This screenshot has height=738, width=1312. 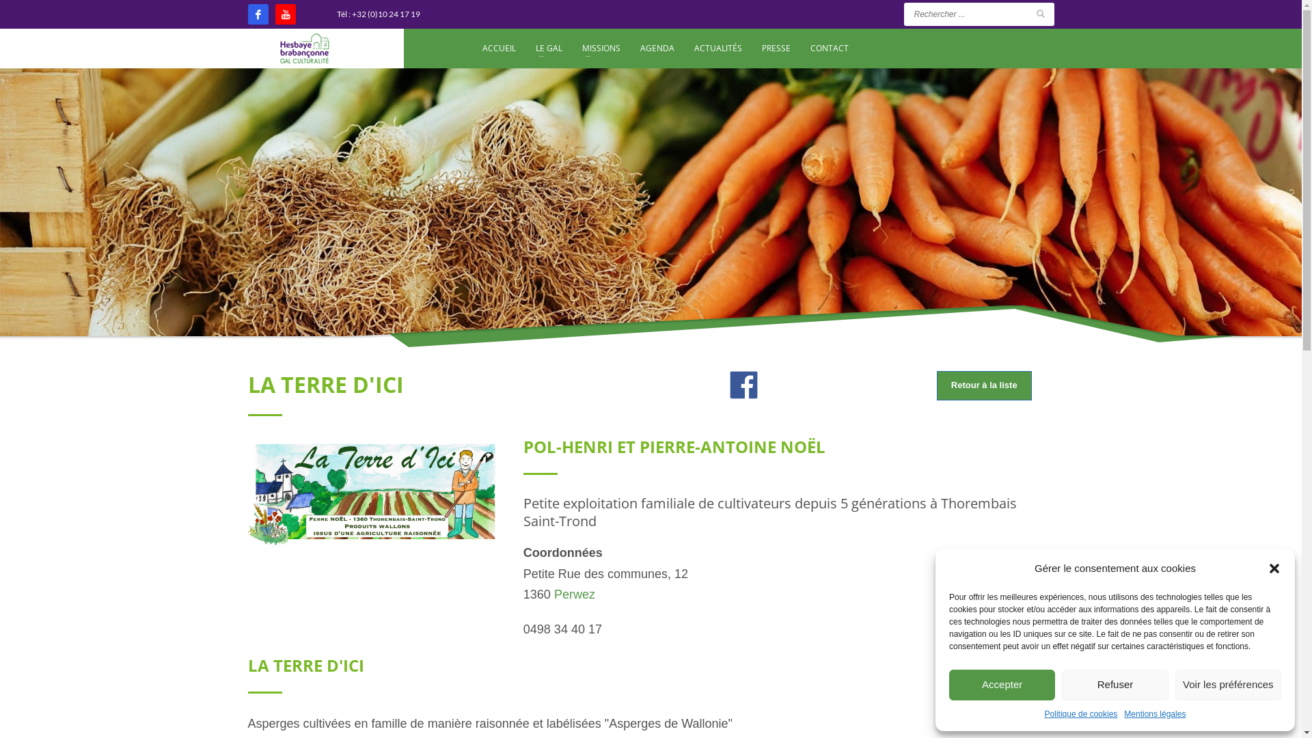 What do you see at coordinates (1039, 13) in the screenshot?
I see `'go'` at bounding box center [1039, 13].